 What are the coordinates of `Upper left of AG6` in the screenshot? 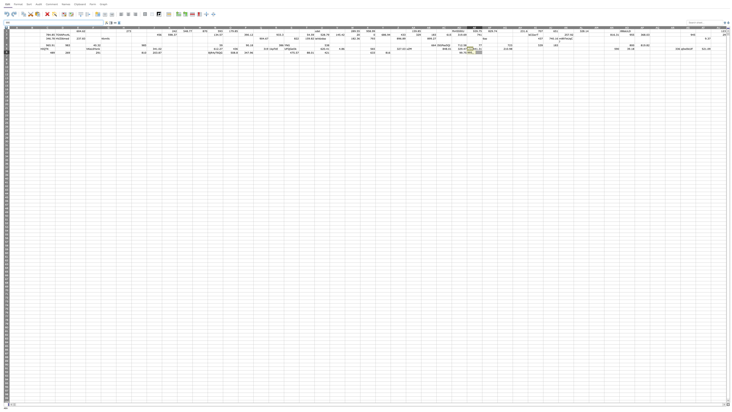 It's located at (498, 50).